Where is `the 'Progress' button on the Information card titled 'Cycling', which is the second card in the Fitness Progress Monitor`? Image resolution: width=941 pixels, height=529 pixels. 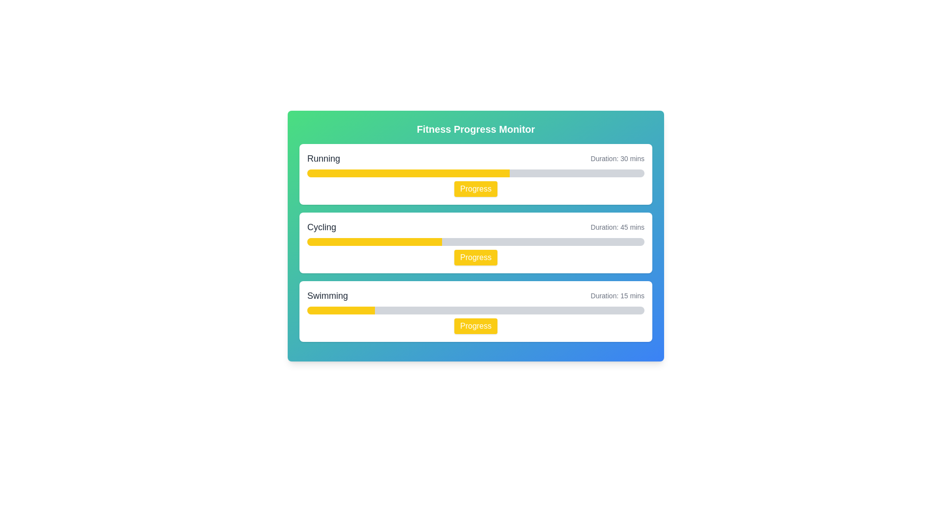
the 'Progress' button on the Information card titled 'Cycling', which is the second card in the Fitness Progress Monitor is located at coordinates (475, 242).